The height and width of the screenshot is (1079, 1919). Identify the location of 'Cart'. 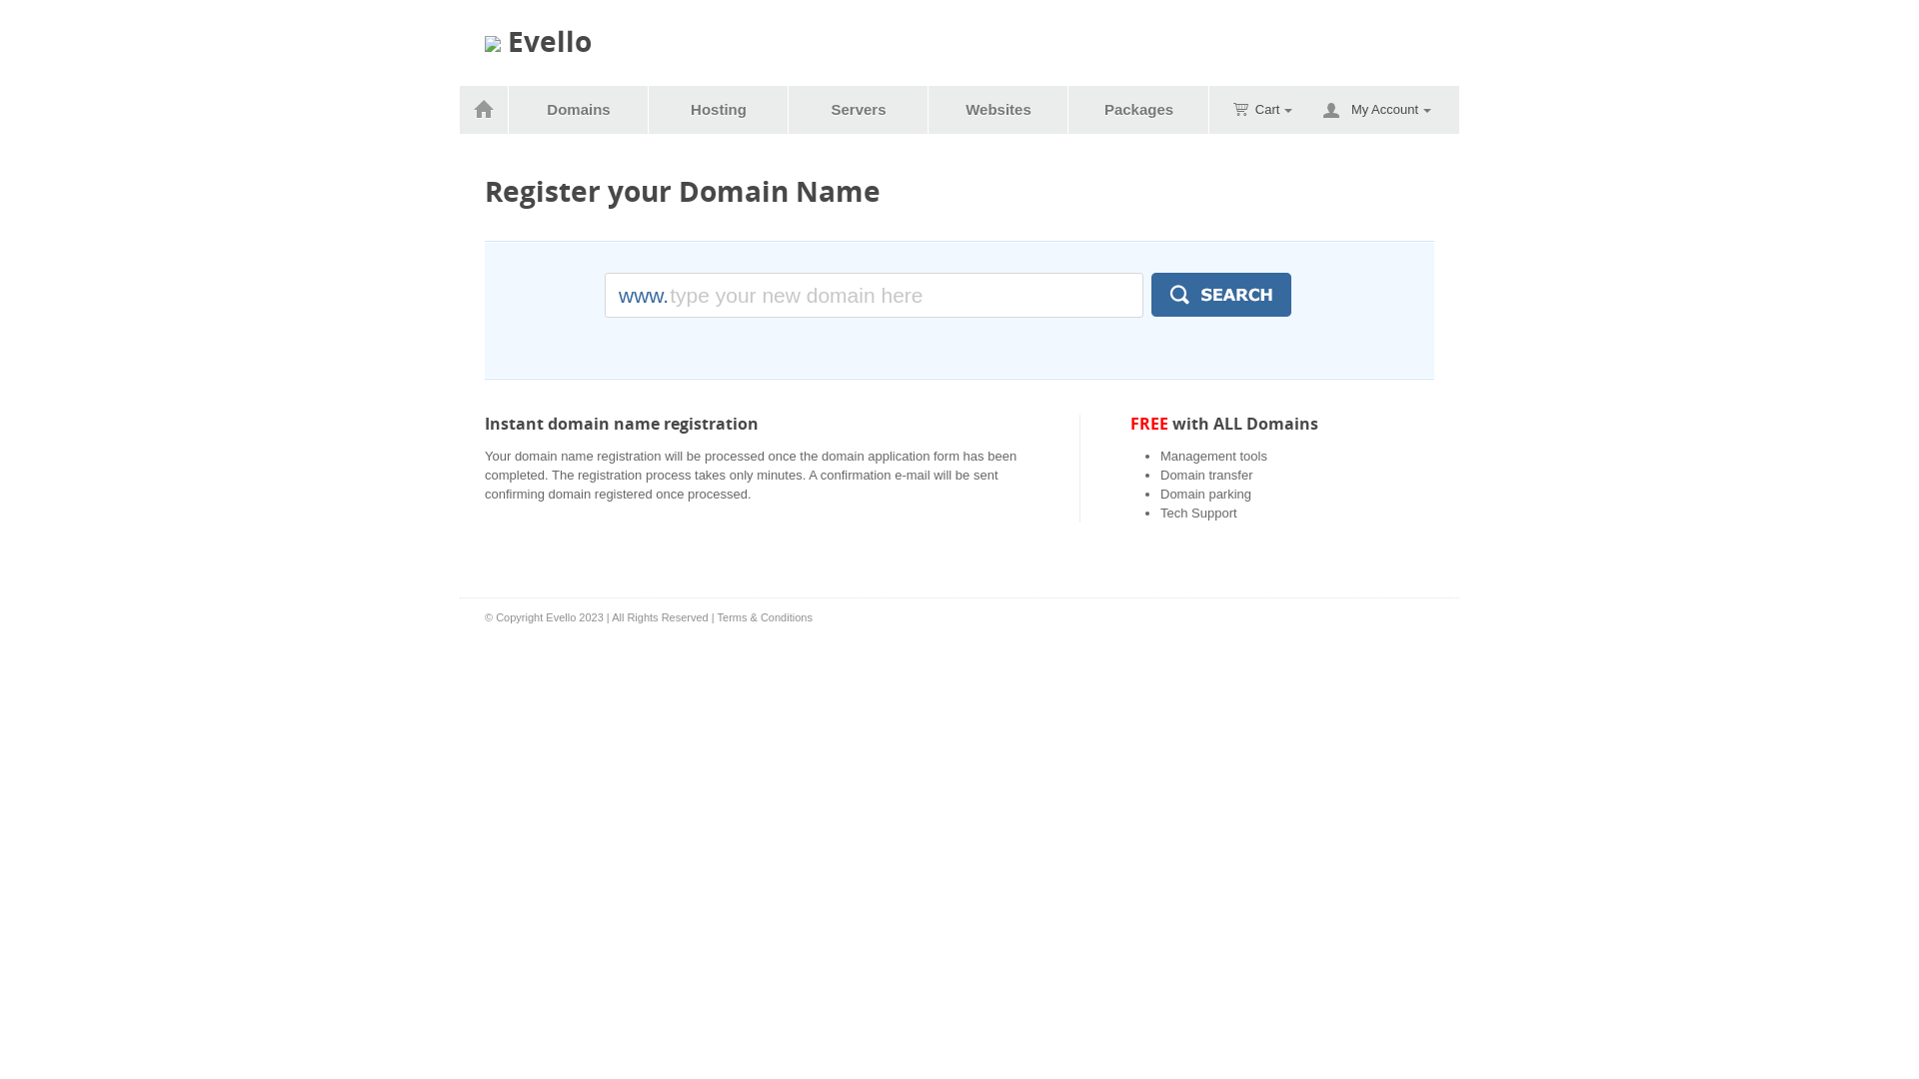
(1220, 109).